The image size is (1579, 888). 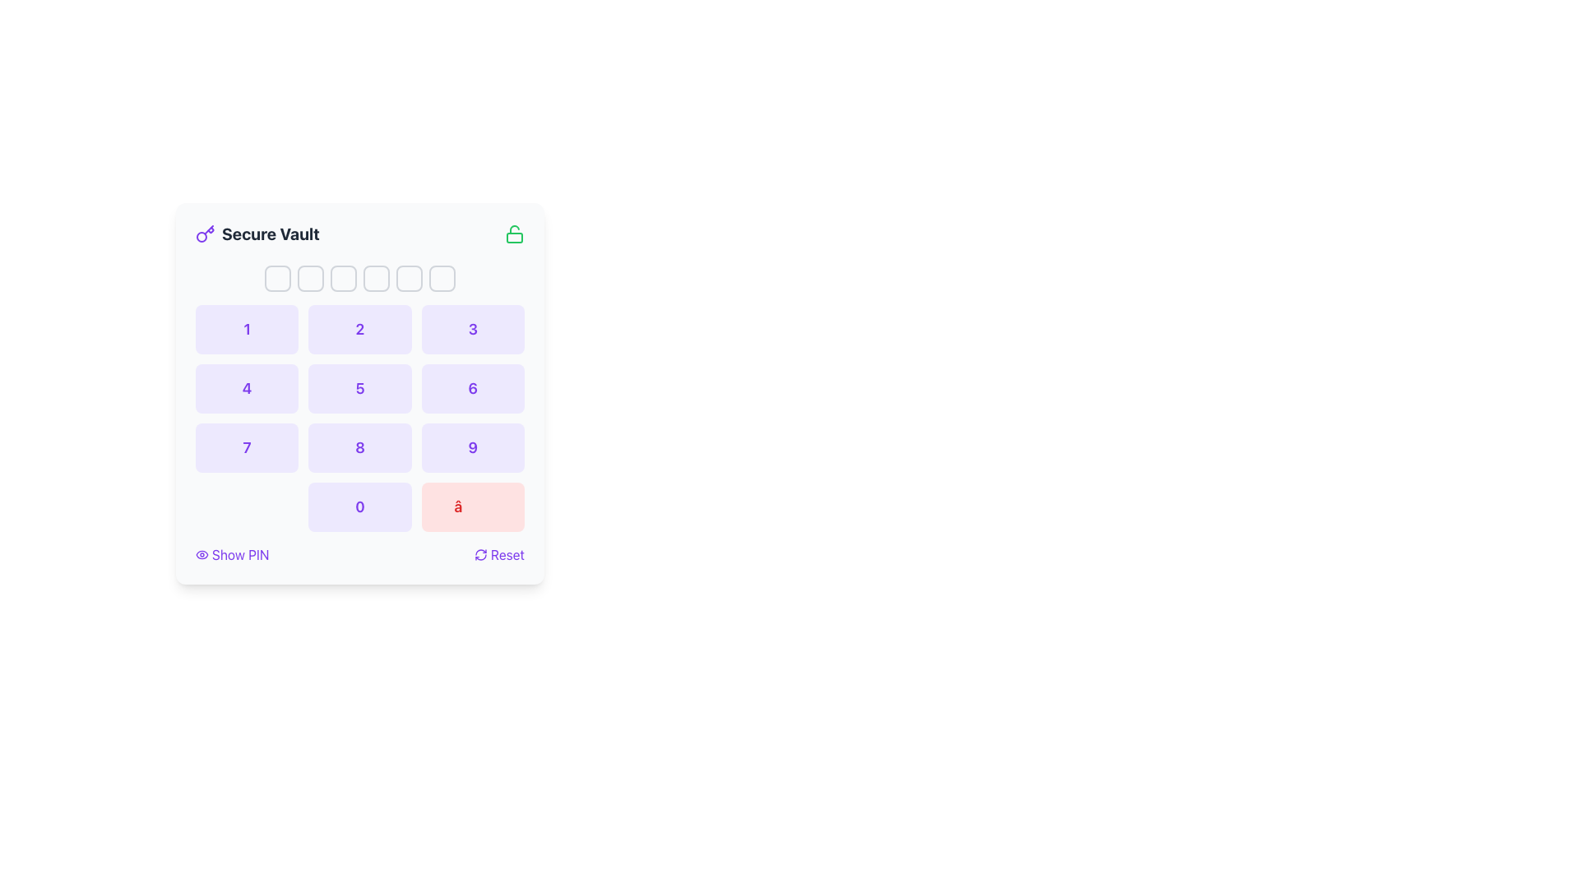 I want to click on the backspace/delete button located in the bottom-right corner of the numerical keypad grid, so click(x=472, y=506).